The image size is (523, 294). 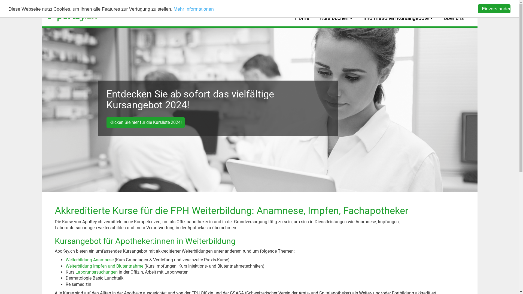 I want to click on 'Laboruntersuchungen', so click(x=96, y=272).